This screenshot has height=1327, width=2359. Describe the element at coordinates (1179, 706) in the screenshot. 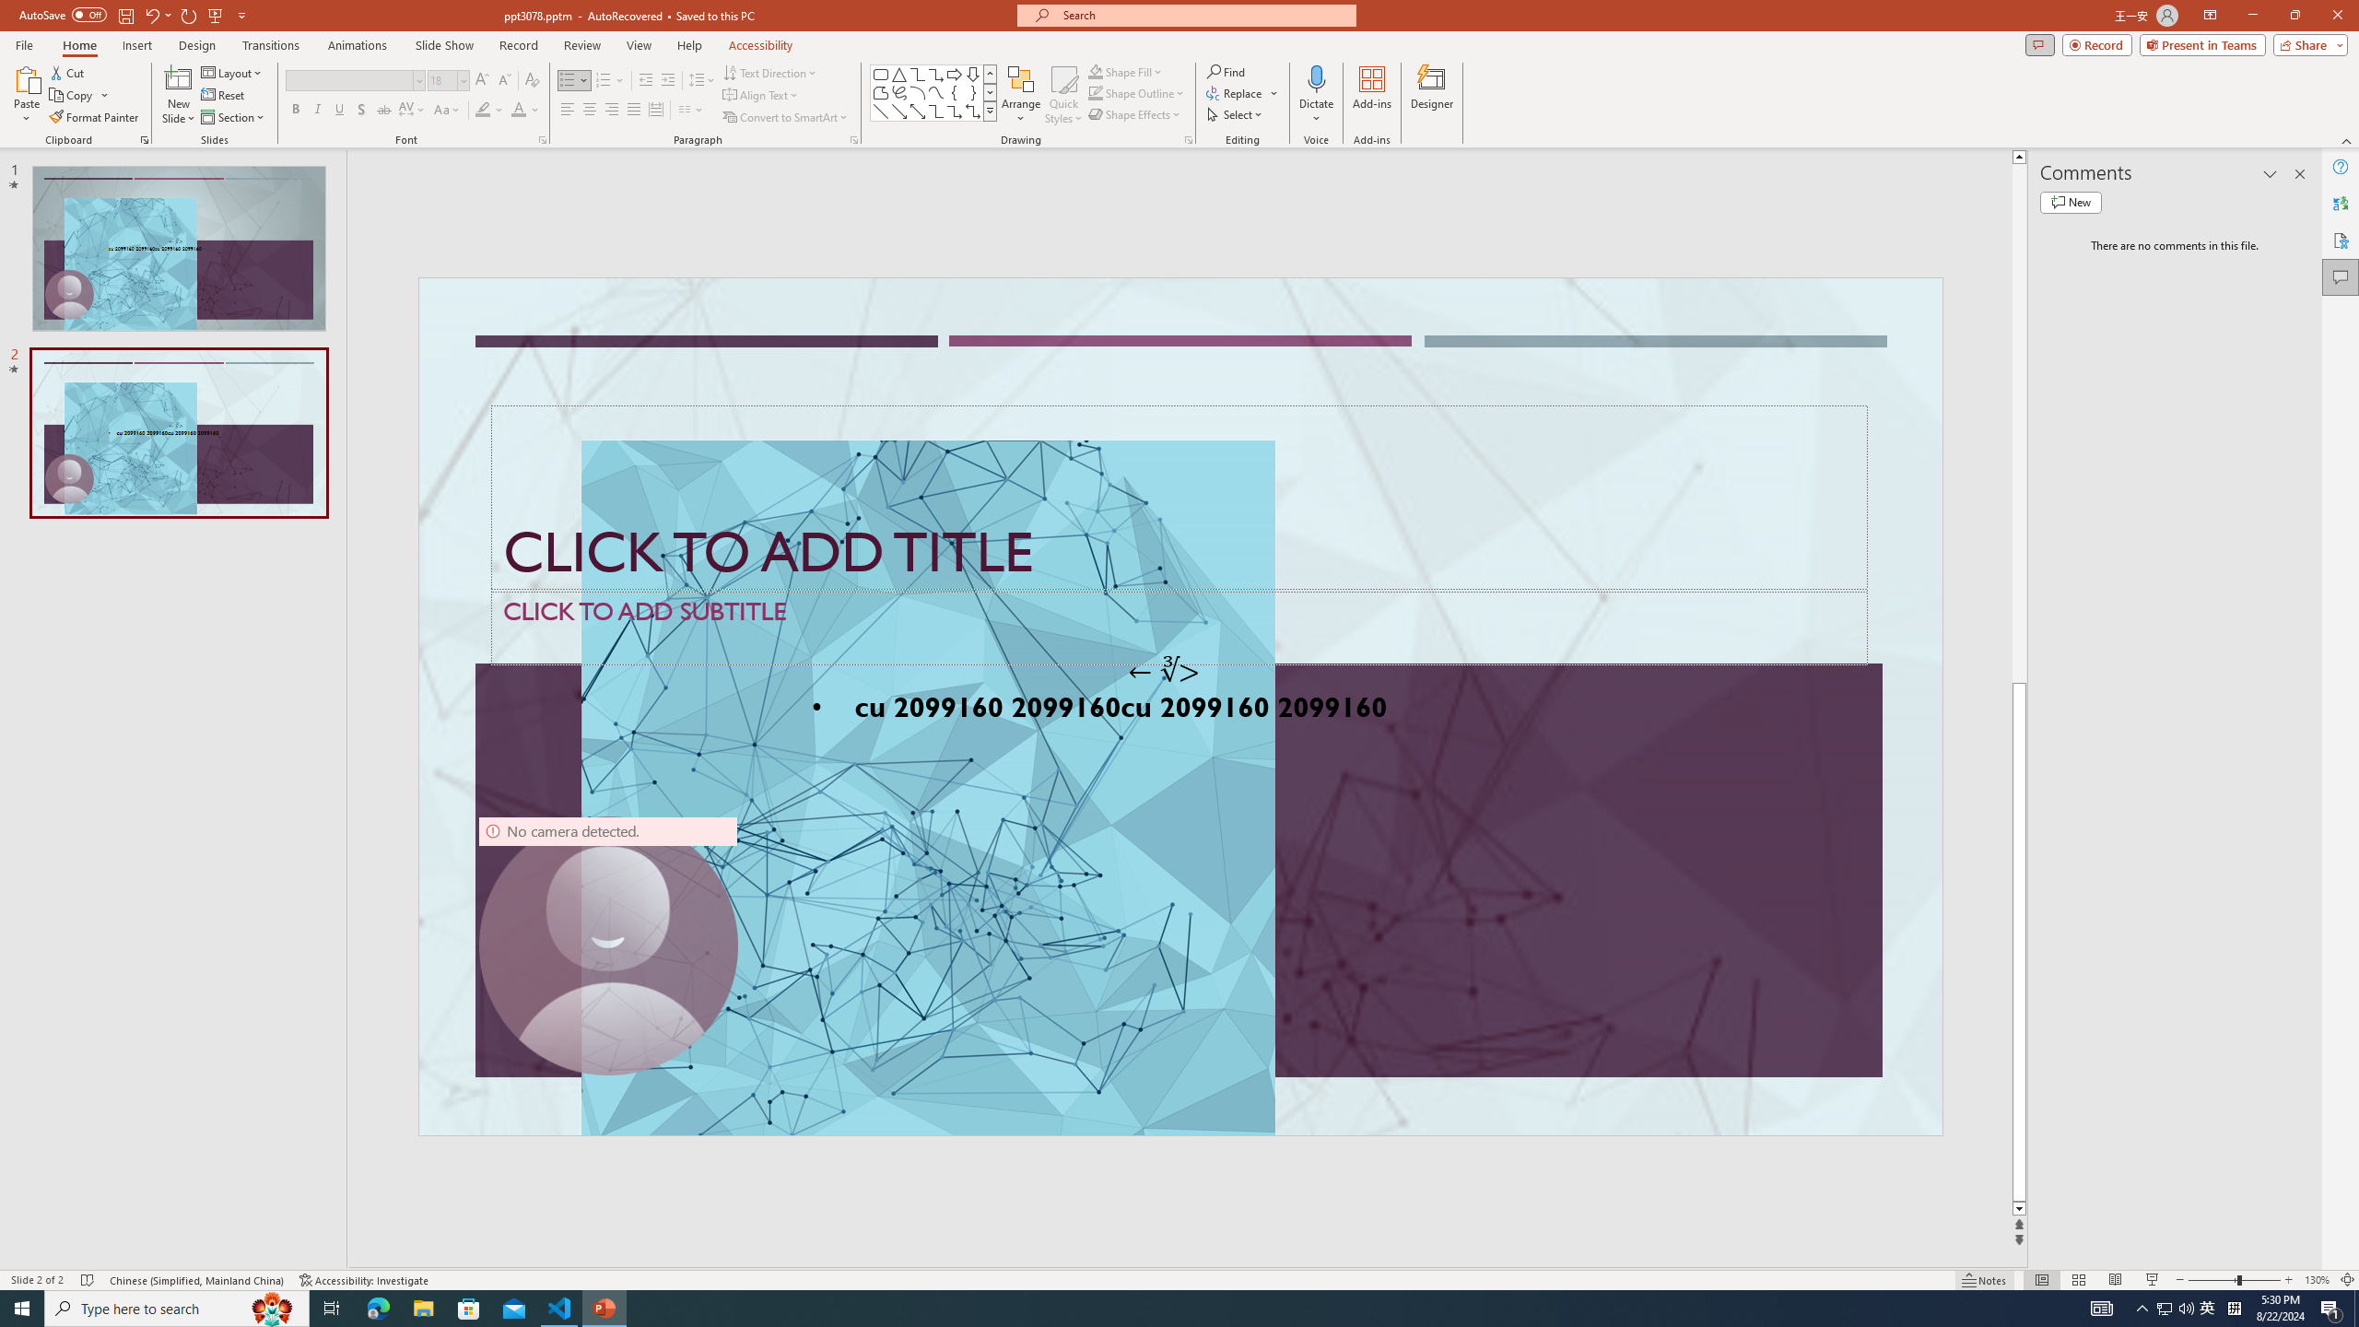

I see `'An abstract genetic concept'` at that location.